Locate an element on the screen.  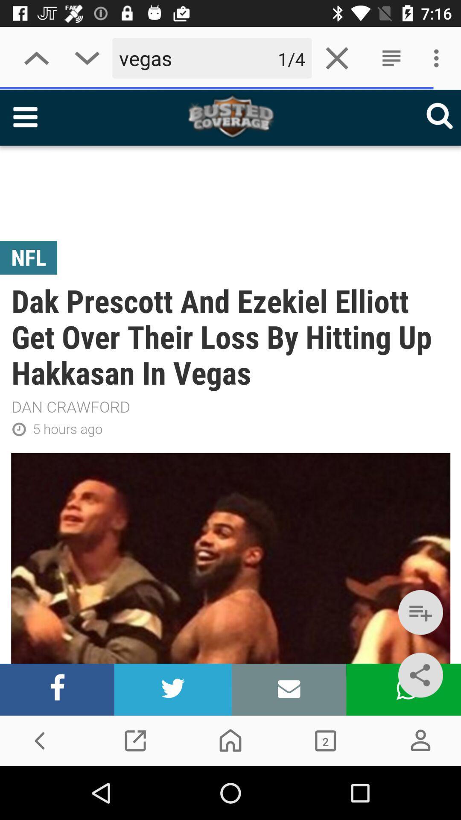
the share icon is located at coordinates (420, 674).